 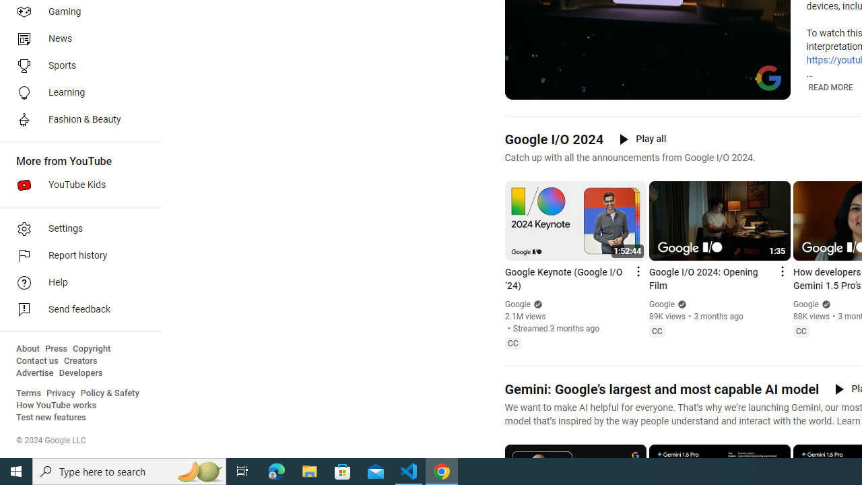 What do you see at coordinates (110, 393) in the screenshot?
I see `'Policy & Safety'` at bounding box center [110, 393].